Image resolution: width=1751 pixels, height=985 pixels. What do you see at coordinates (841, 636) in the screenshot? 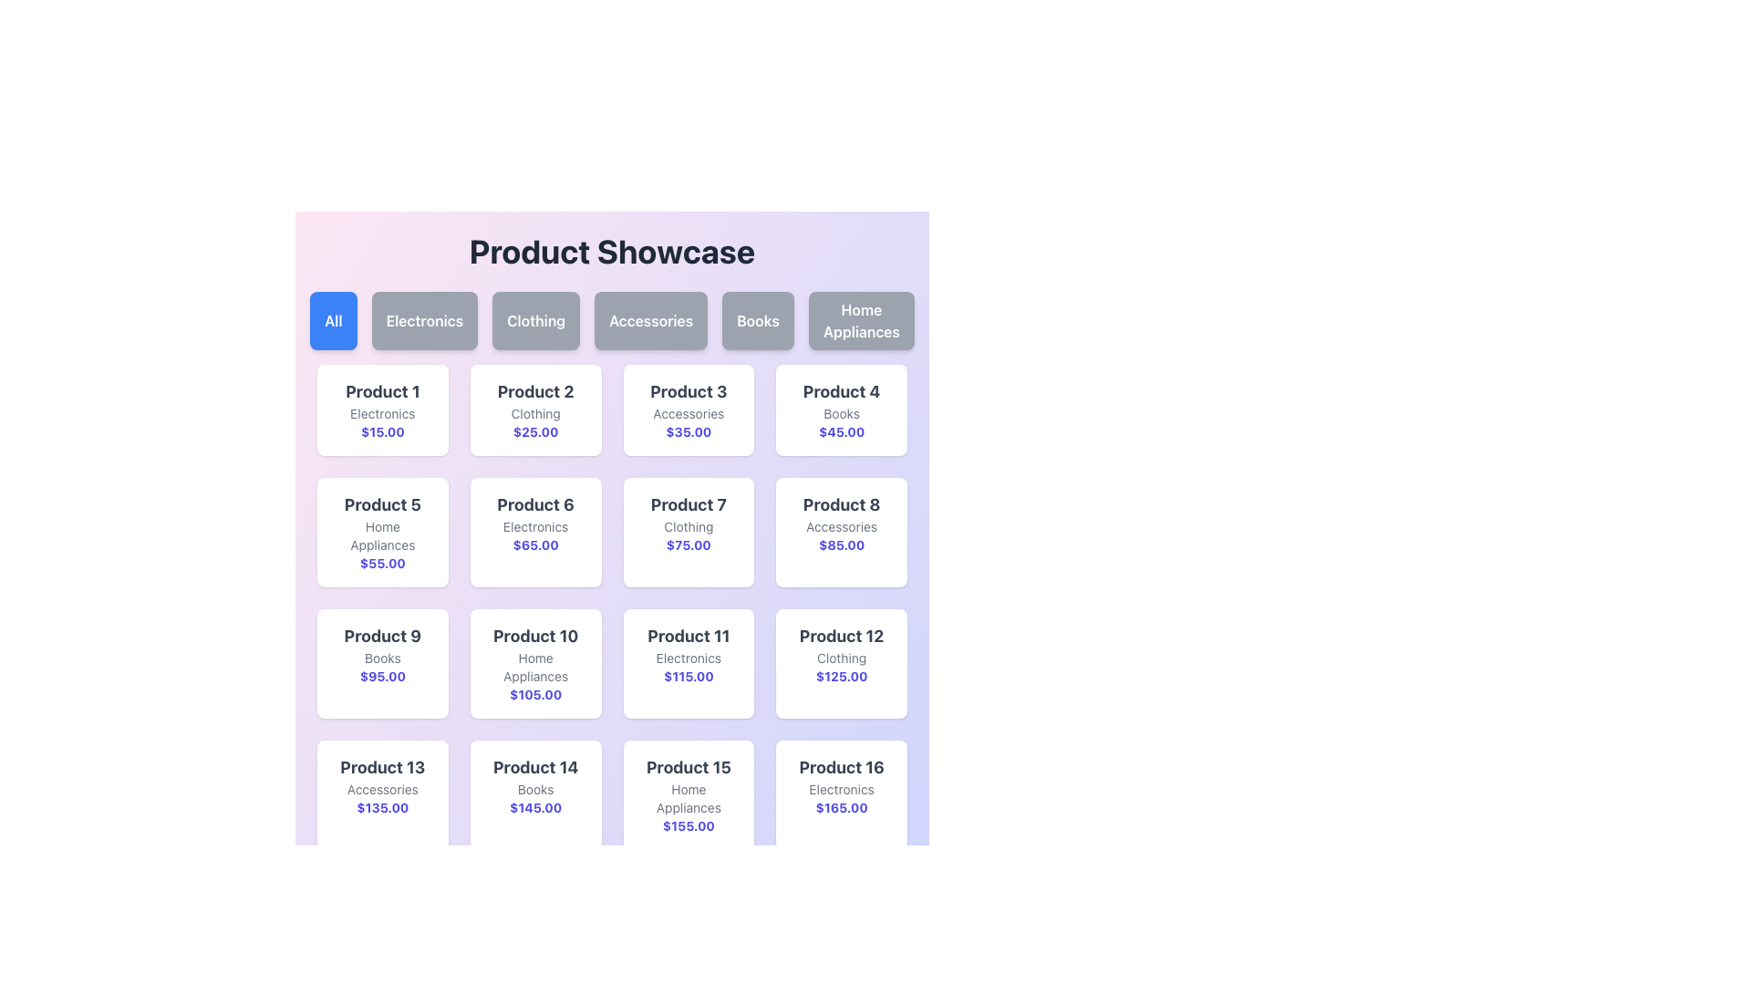
I see `the text label displaying the product title 'Product 12' located at the top of the card in the product showcase grid` at bounding box center [841, 636].